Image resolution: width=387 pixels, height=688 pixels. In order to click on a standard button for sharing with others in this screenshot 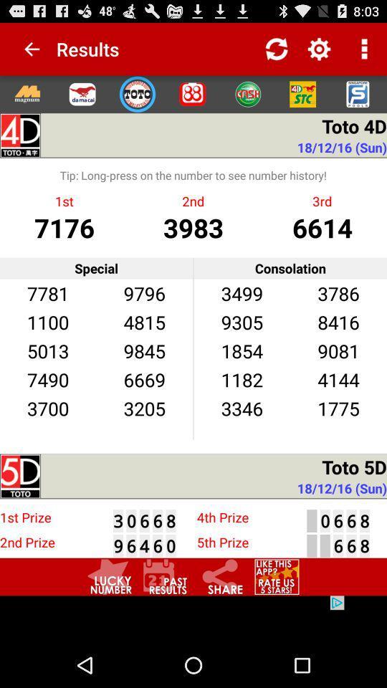, I will do `click(221, 577)`.